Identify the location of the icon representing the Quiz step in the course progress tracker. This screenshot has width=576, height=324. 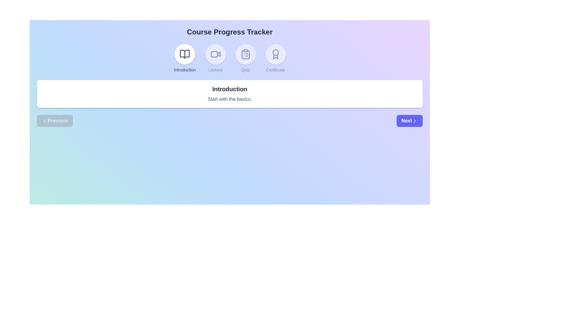
(245, 54).